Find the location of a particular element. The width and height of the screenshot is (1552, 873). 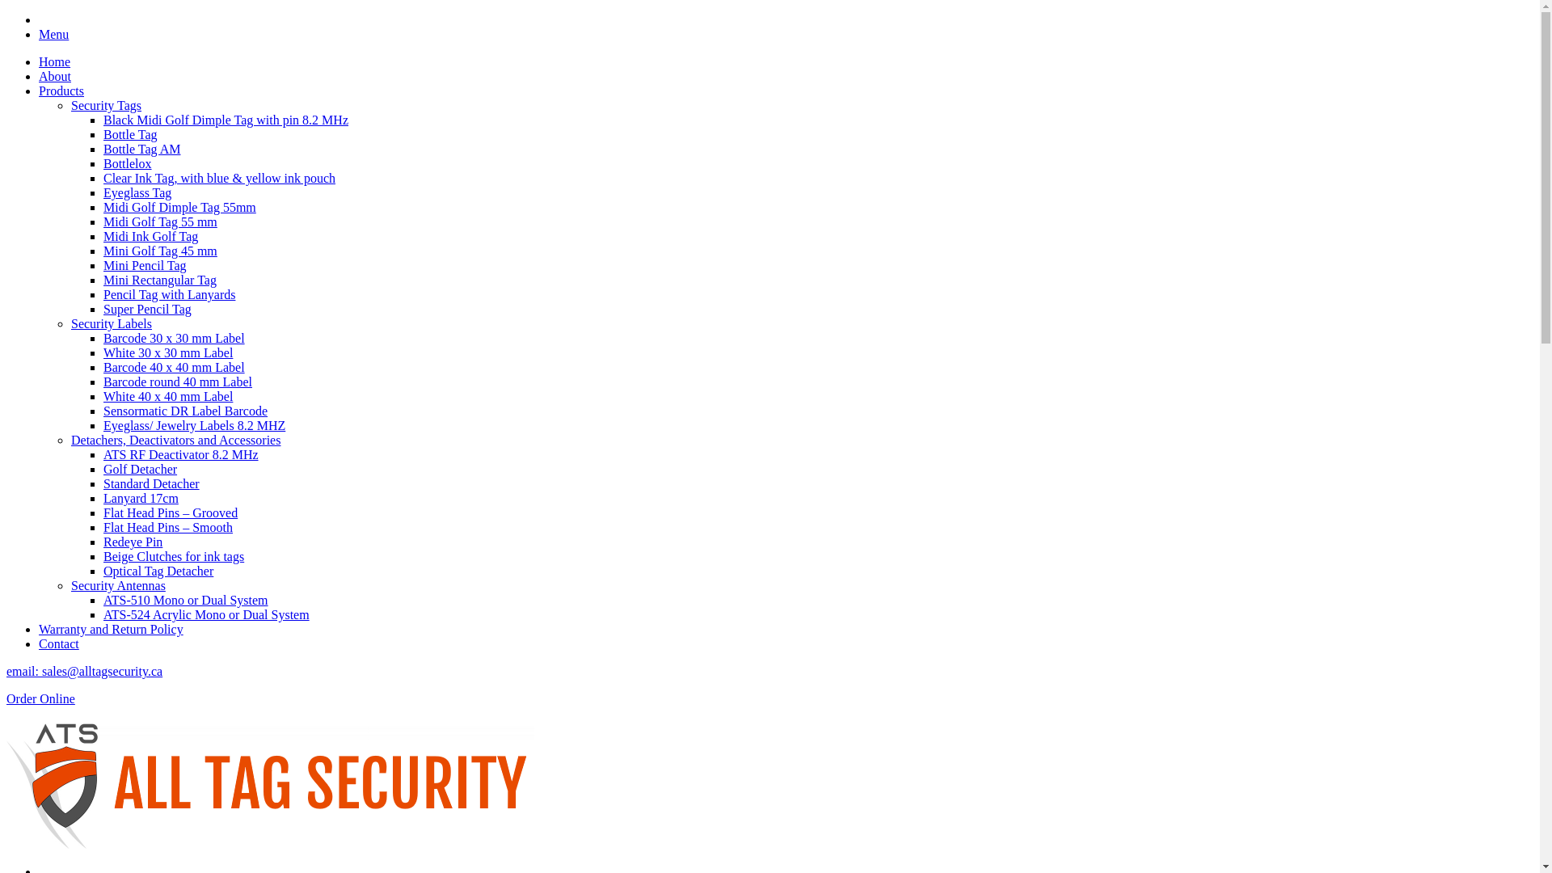

'Barcode 30 x 30 mm Label' is located at coordinates (174, 337).